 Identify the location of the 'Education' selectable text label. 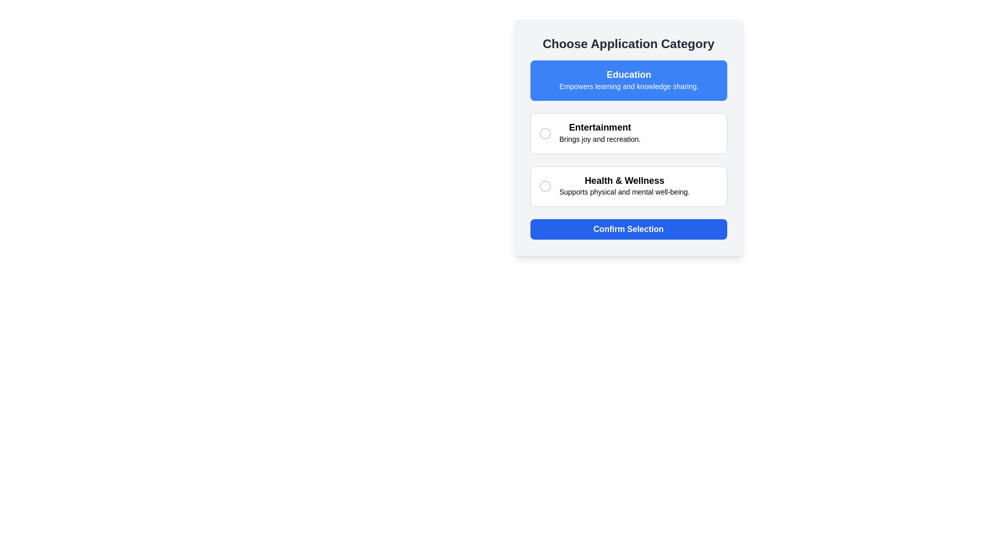
(628, 80).